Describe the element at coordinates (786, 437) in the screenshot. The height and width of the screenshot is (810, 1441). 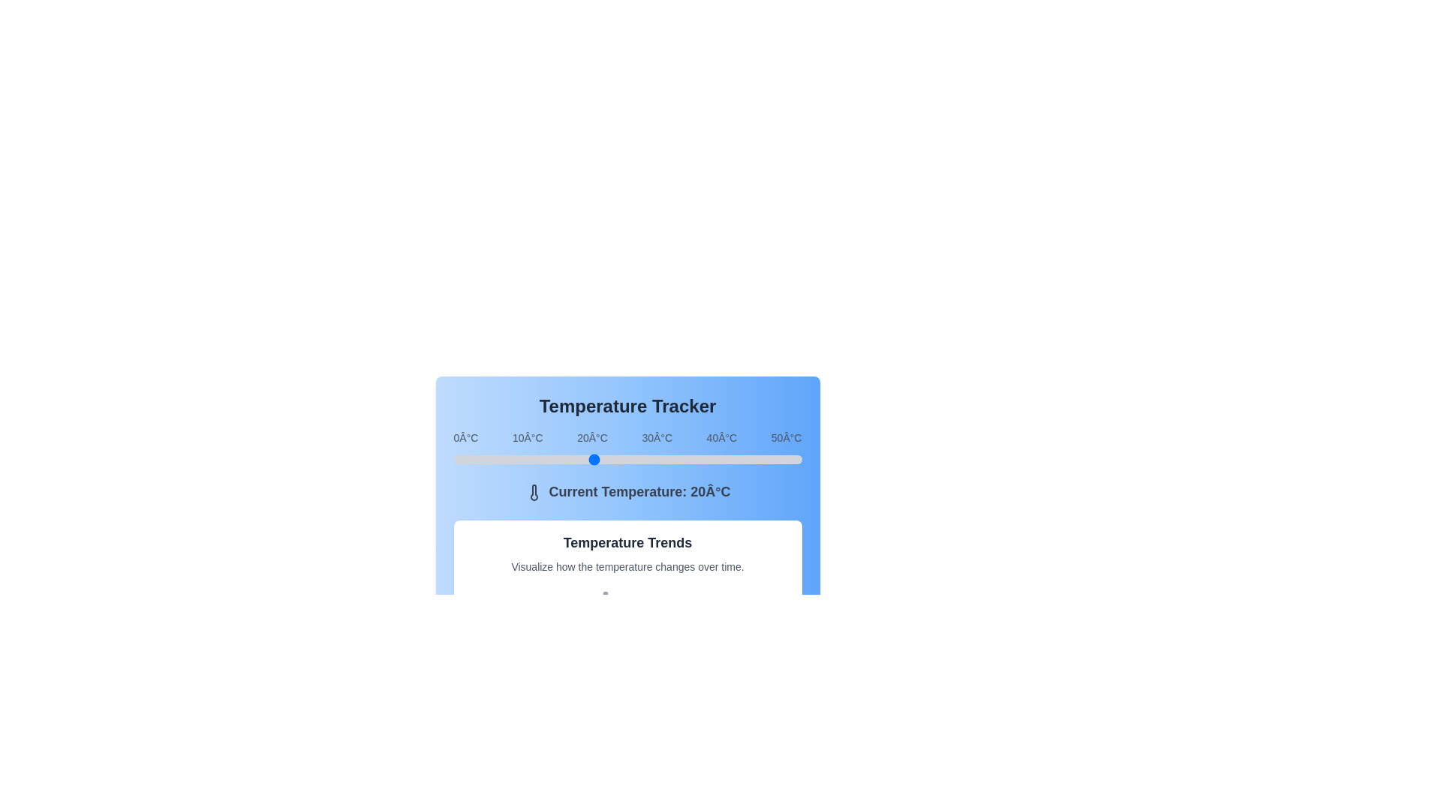
I see `the temperature label 50°C to focus on it` at that location.